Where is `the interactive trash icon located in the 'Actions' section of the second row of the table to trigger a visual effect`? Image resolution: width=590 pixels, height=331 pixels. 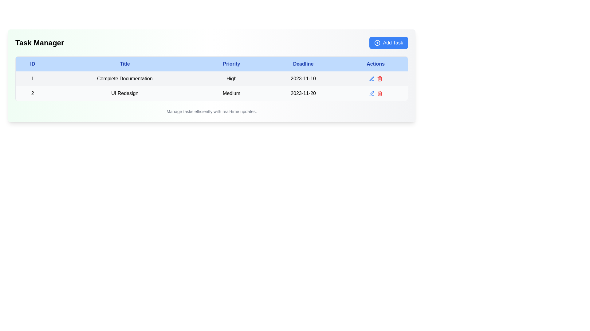
the interactive trash icon located in the 'Actions' section of the second row of the table to trigger a visual effect is located at coordinates (379, 93).